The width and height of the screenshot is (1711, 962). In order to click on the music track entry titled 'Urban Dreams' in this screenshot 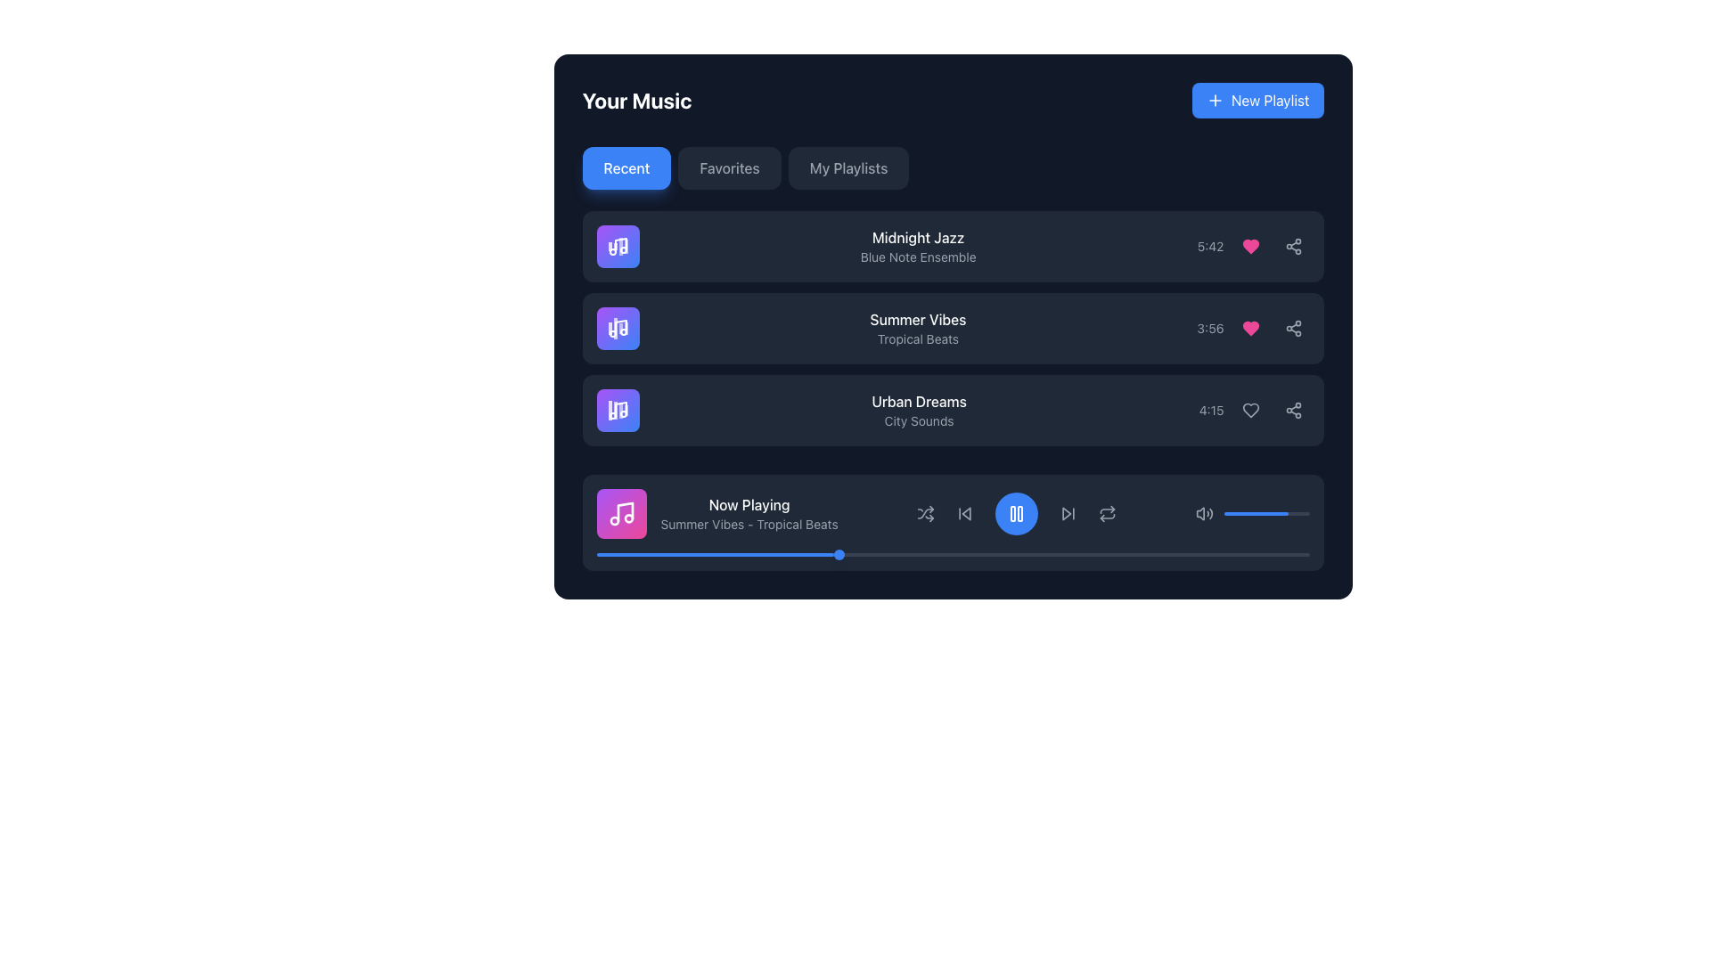, I will do `click(952, 411)`.